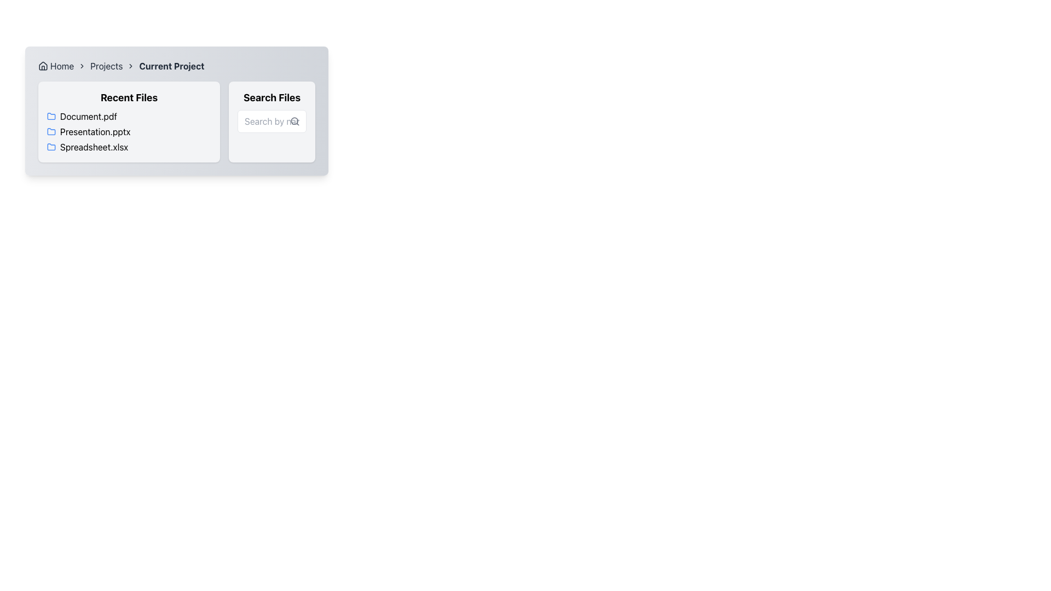  What do you see at coordinates (55, 66) in the screenshot?
I see `the Breadcrumb Navigation Link located at the top-left corner of the navigation bar` at bounding box center [55, 66].